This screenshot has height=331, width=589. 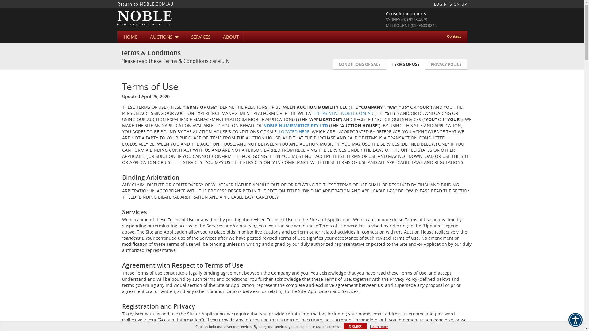 I want to click on 'SIGN UP', so click(x=449, y=4).